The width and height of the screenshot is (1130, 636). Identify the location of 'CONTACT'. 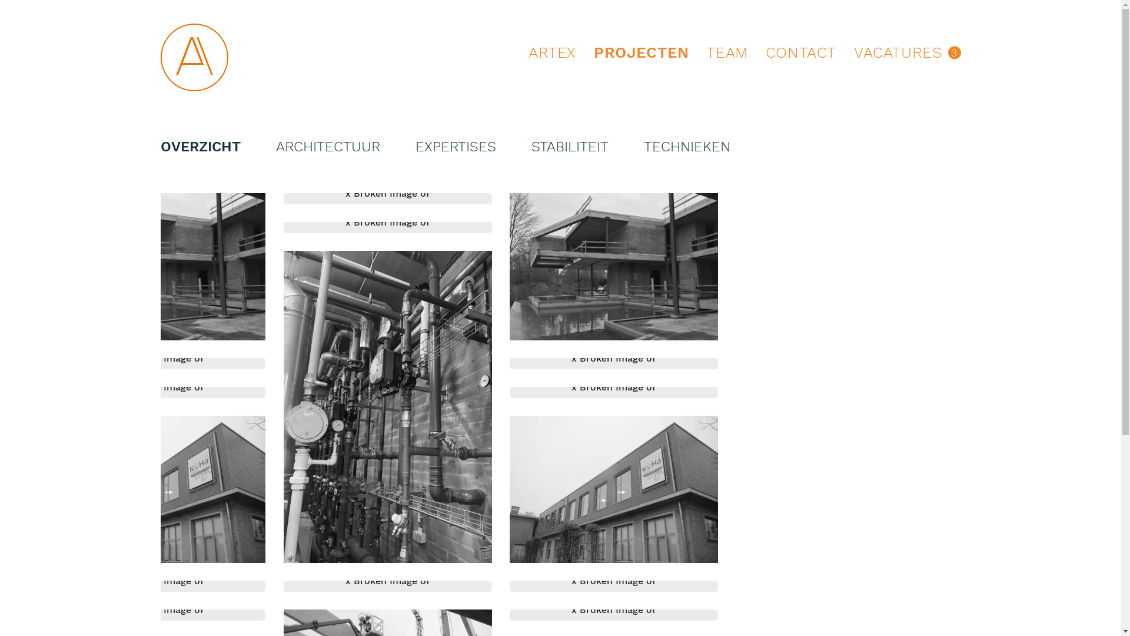
(800, 55).